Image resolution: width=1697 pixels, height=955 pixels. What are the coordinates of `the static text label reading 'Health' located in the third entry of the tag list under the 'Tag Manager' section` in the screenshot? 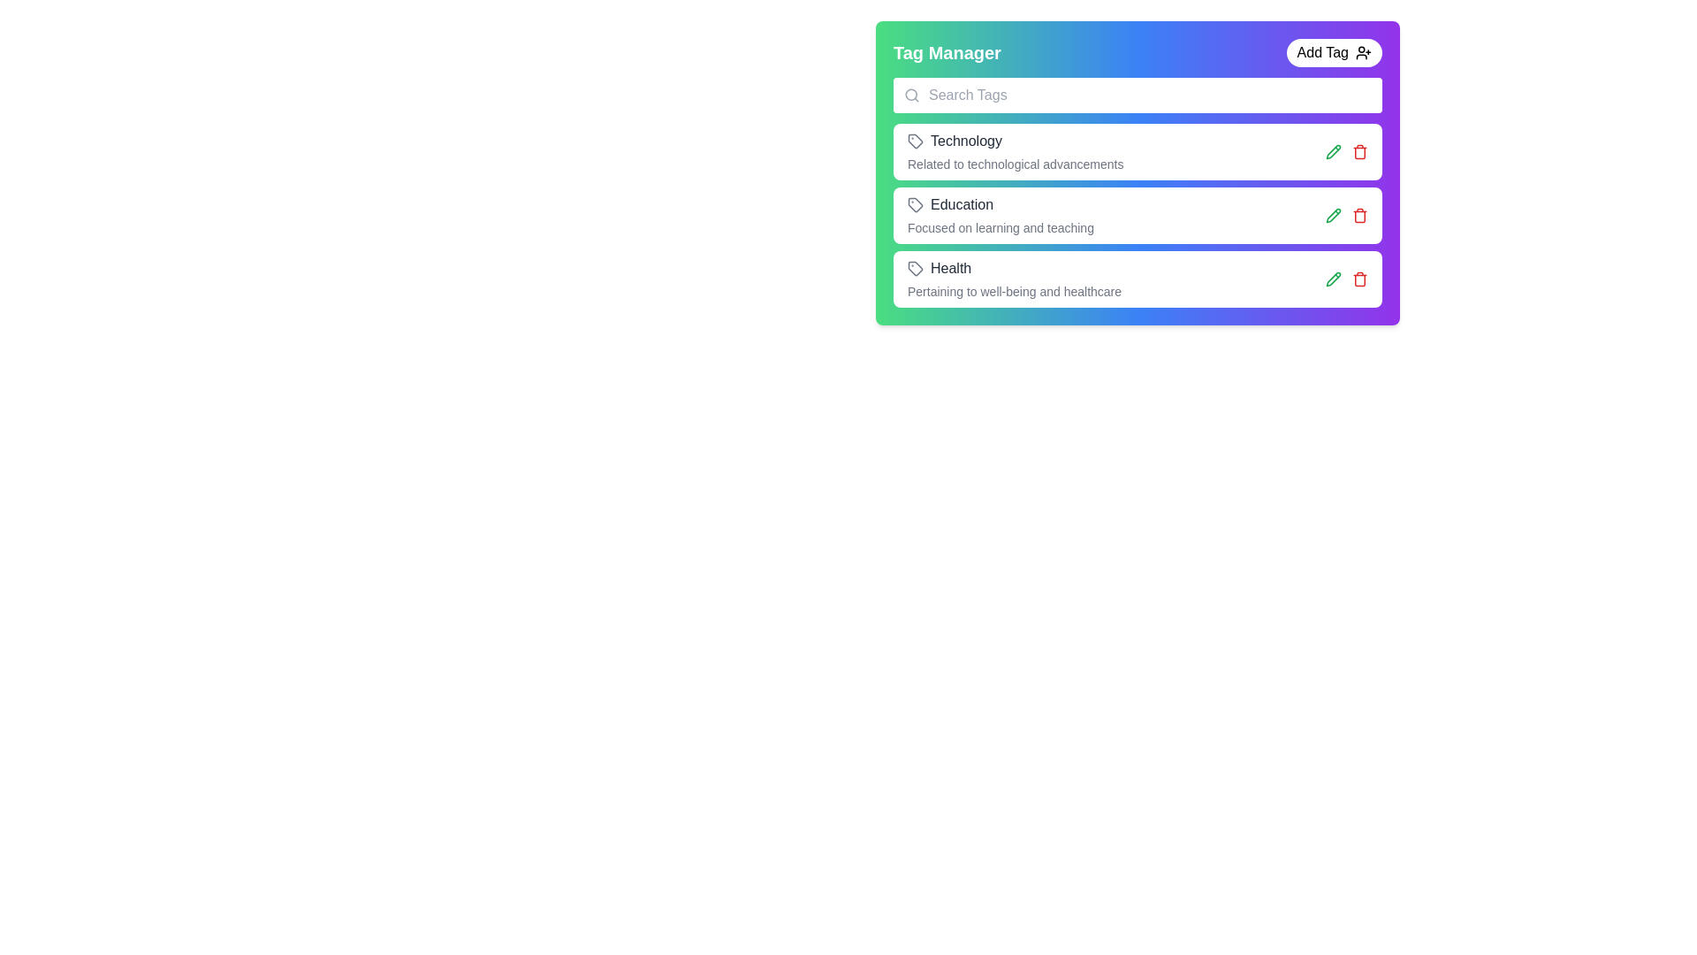 It's located at (950, 269).